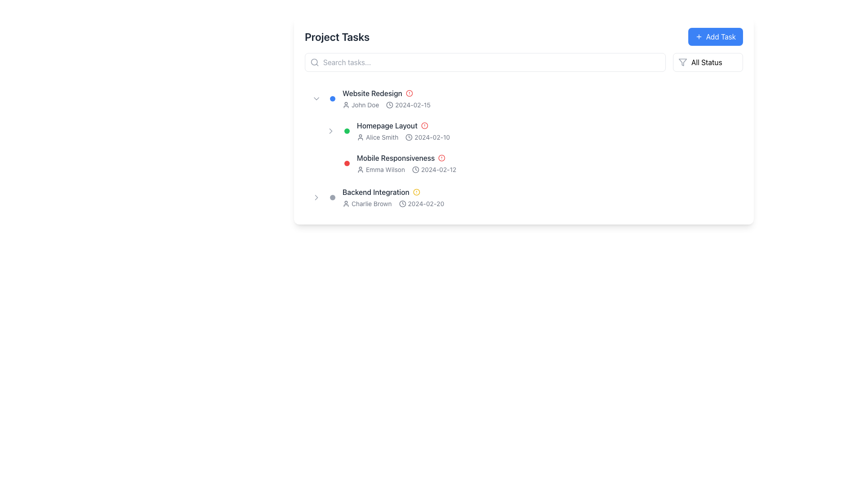 The width and height of the screenshot is (862, 485). Describe the element at coordinates (523, 62) in the screenshot. I see `the dropdown menu located in the Combined search bar and dropdown filter below the 'Add Task' button in the 'Project Tasks' section` at that location.